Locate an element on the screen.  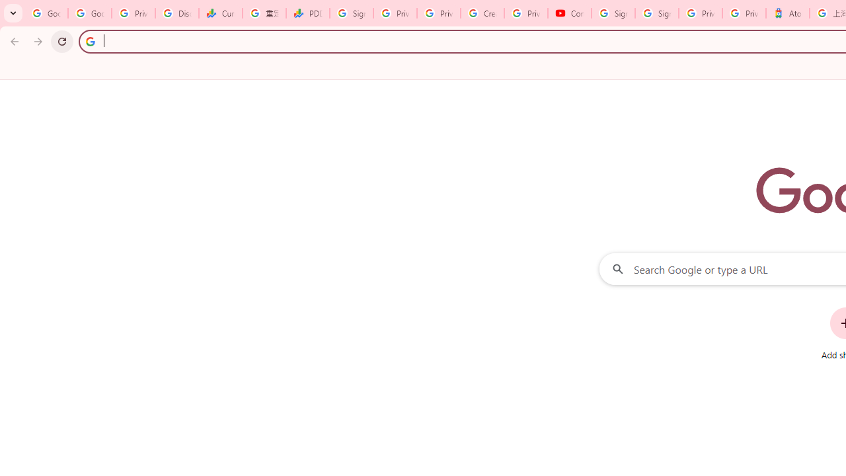
'Google Workspace Admin Community' is located at coordinates (46, 13).